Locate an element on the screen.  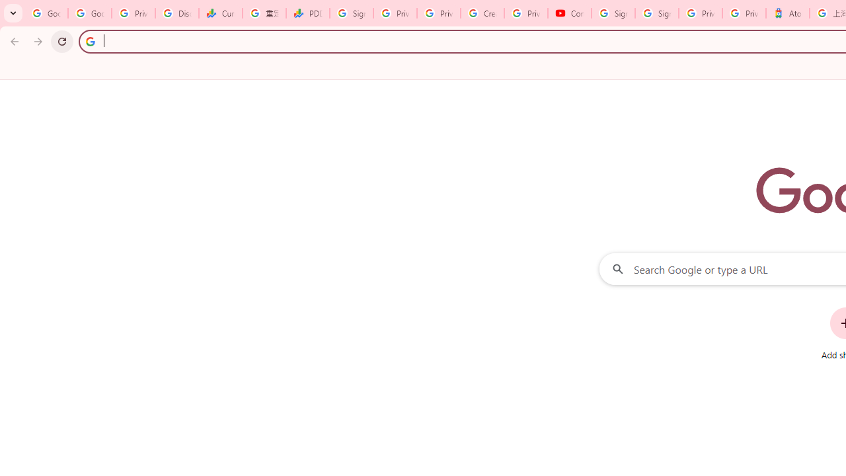
'Google Workspace Admin Community' is located at coordinates (46, 13).